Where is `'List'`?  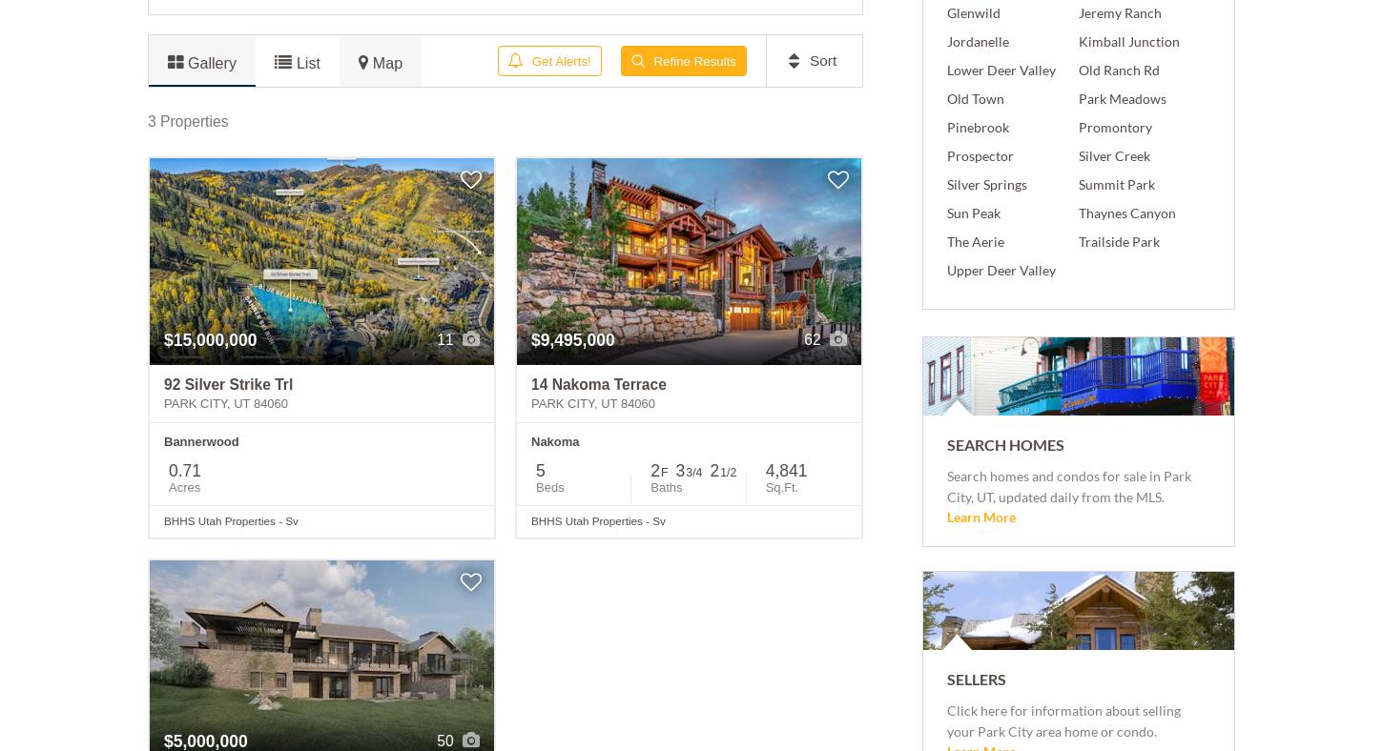
'List' is located at coordinates (307, 62).